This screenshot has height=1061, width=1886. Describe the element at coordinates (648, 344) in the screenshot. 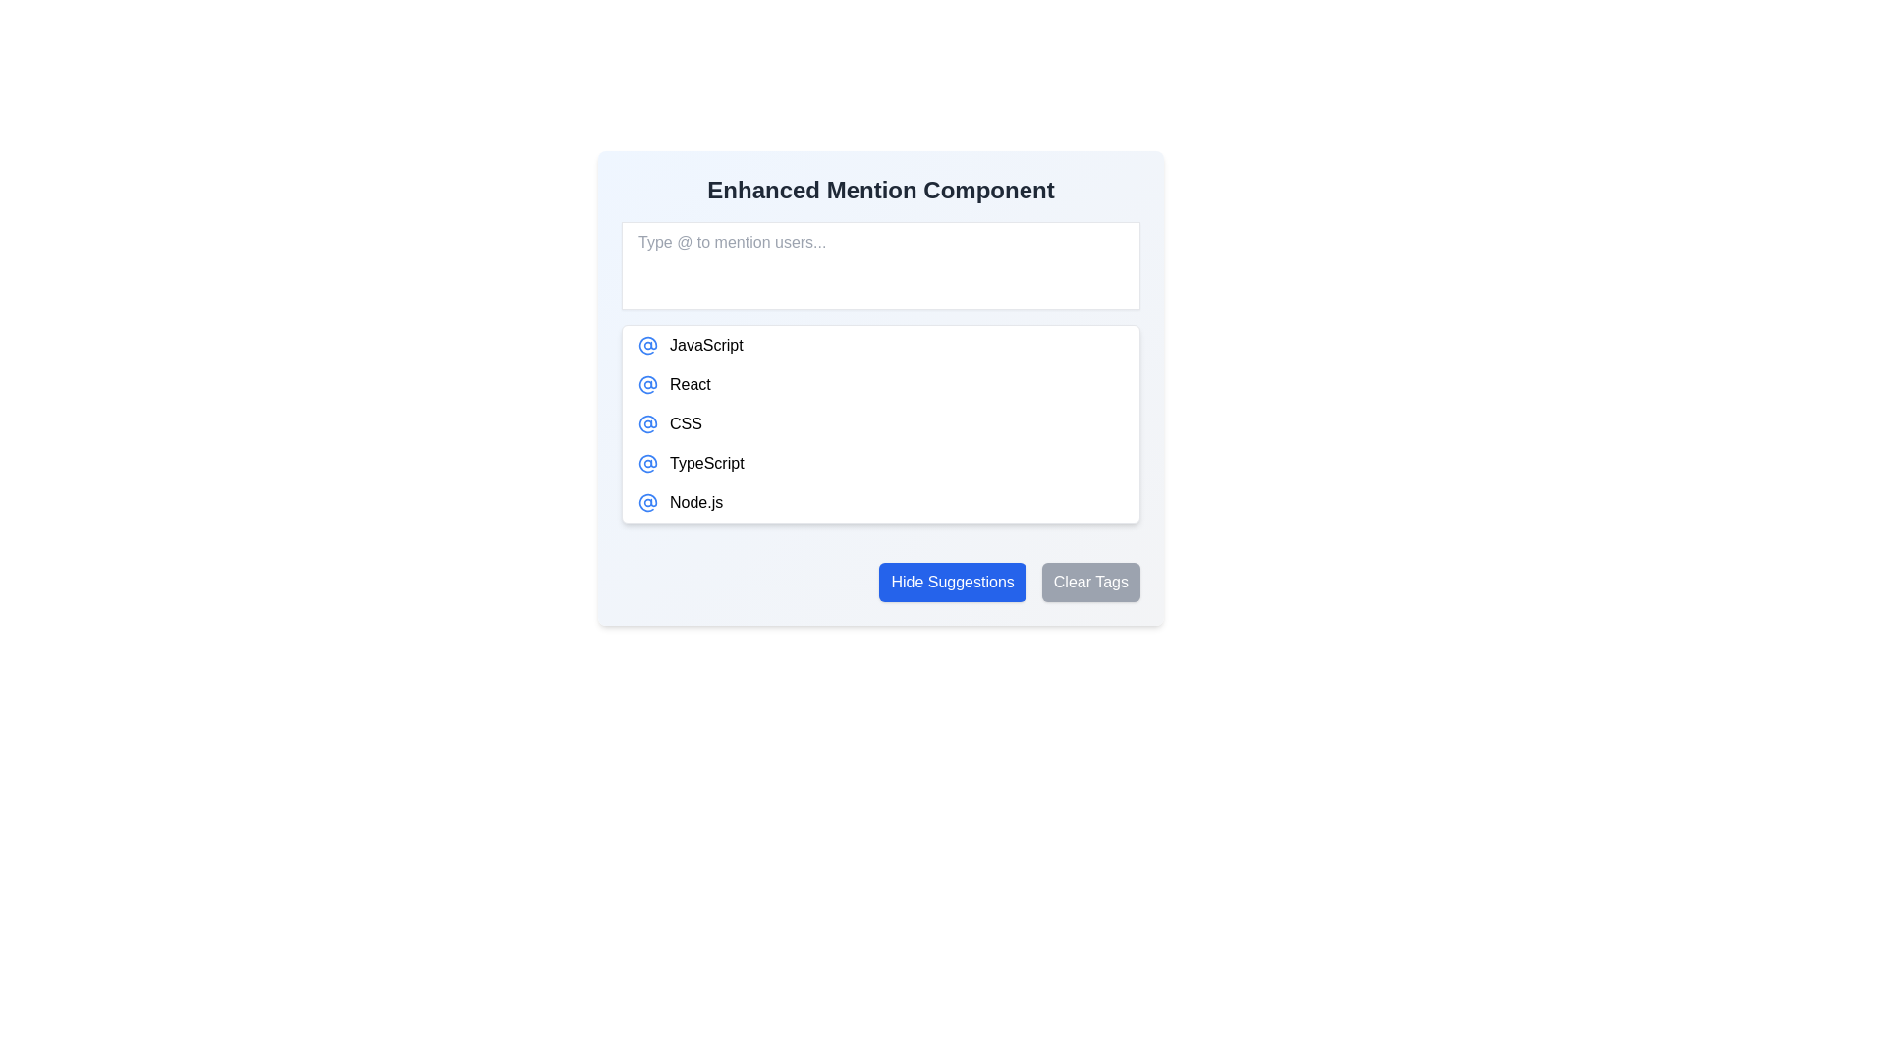

I see `the '@' icon located to the left of the text 'JavaScript' in the list` at that location.